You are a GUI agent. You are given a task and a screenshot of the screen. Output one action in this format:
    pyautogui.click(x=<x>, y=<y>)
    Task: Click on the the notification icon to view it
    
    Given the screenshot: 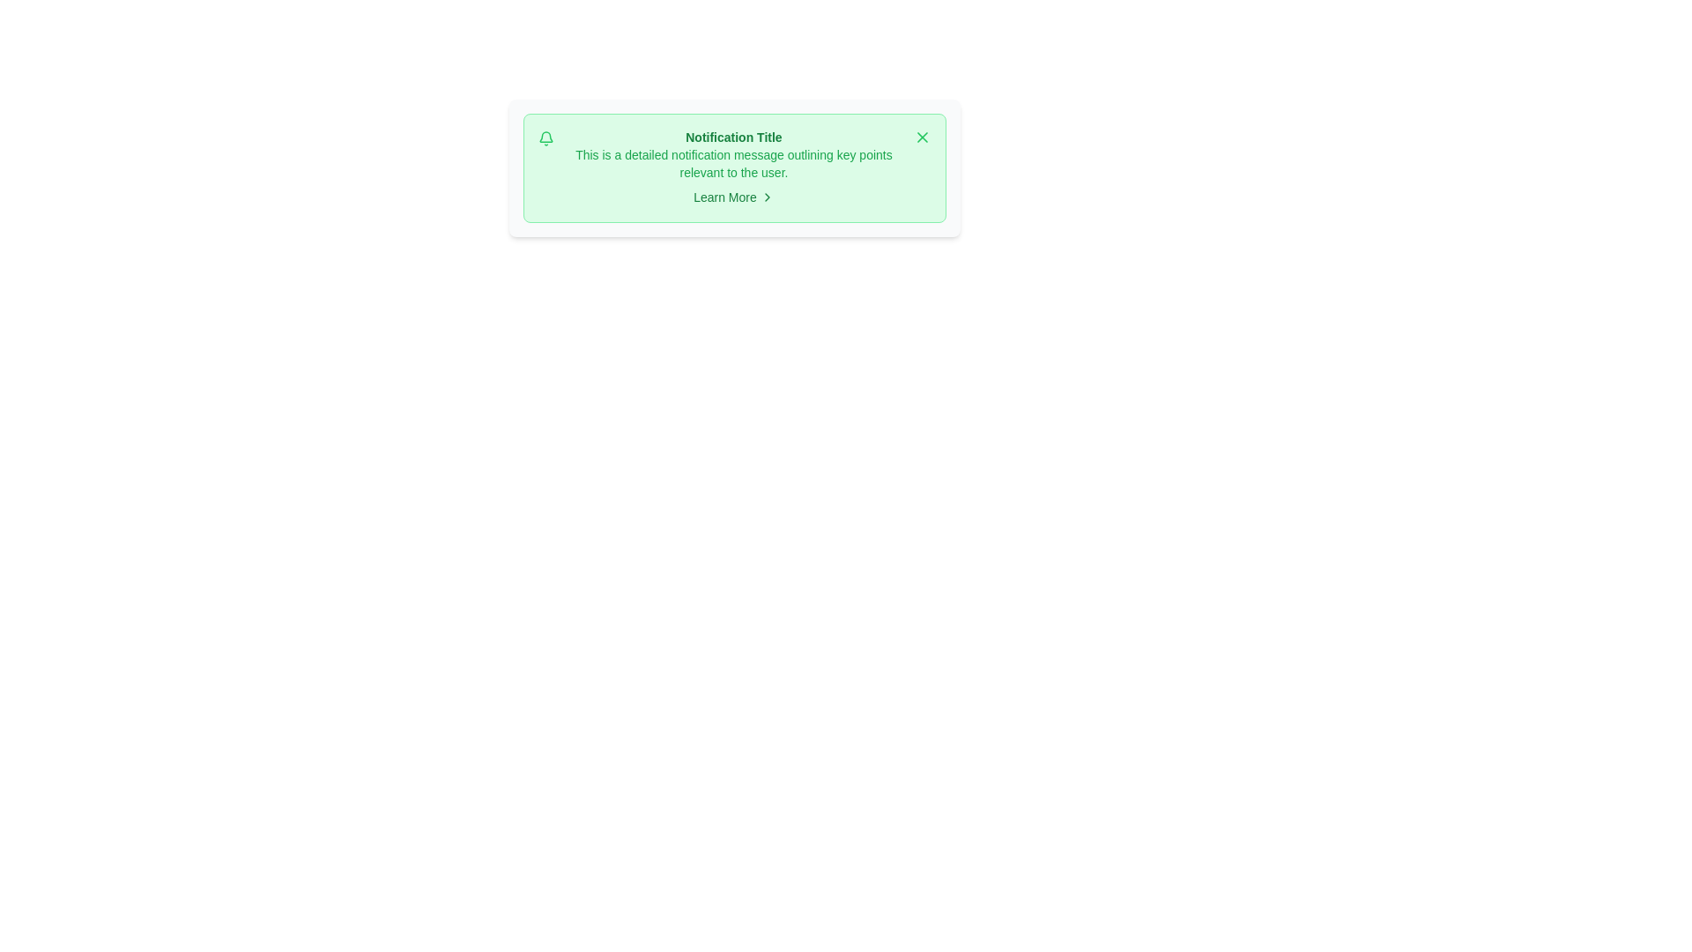 What is the action you would take?
    pyautogui.click(x=545, y=138)
    